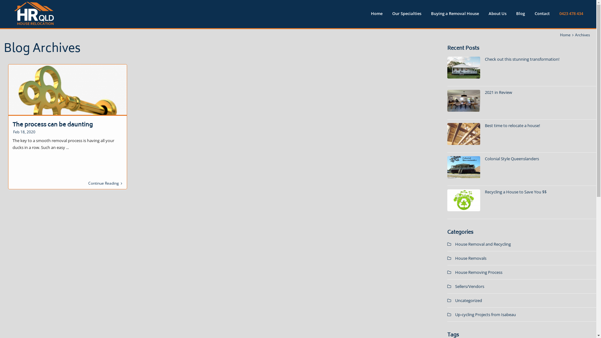 Image resolution: width=601 pixels, height=338 pixels. What do you see at coordinates (485, 158) in the screenshot?
I see `'Colonial Style Queenslanders'` at bounding box center [485, 158].